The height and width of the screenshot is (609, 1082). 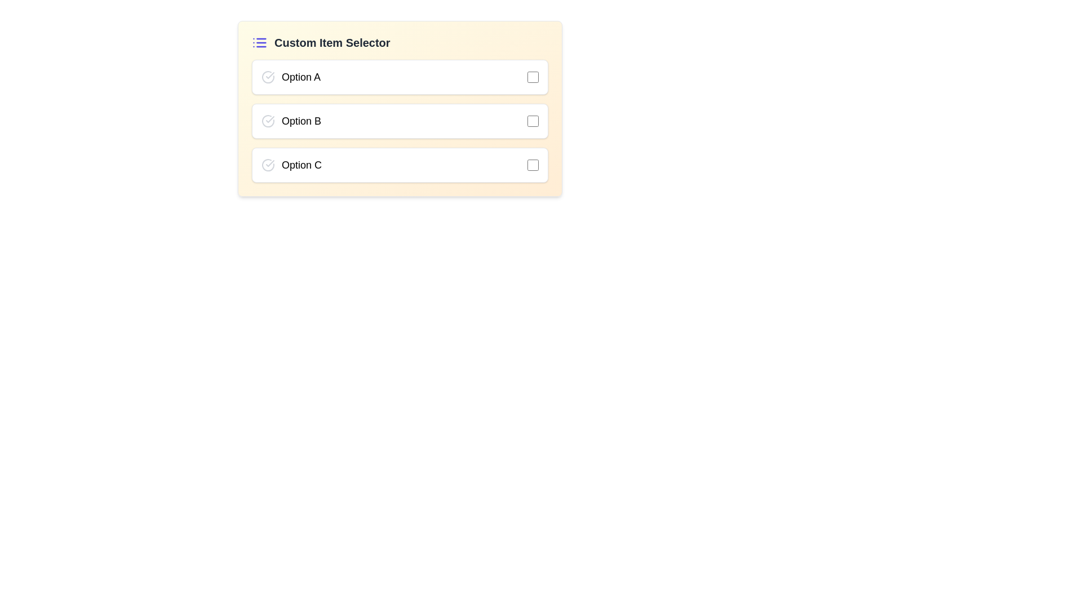 What do you see at coordinates (532, 121) in the screenshot?
I see `the square checkbox with a blue fill color located in the row labeled 'Option B'` at bounding box center [532, 121].